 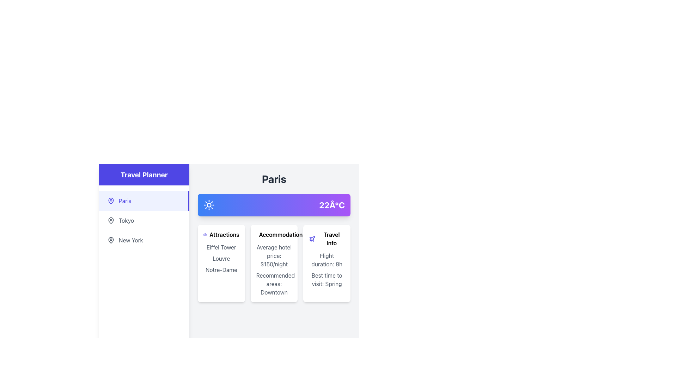 What do you see at coordinates (144, 175) in the screenshot?
I see `the static text label 'Travel Planner' which is styled as a header in a purple background located at the top of the sidebar` at bounding box center [144, 175].